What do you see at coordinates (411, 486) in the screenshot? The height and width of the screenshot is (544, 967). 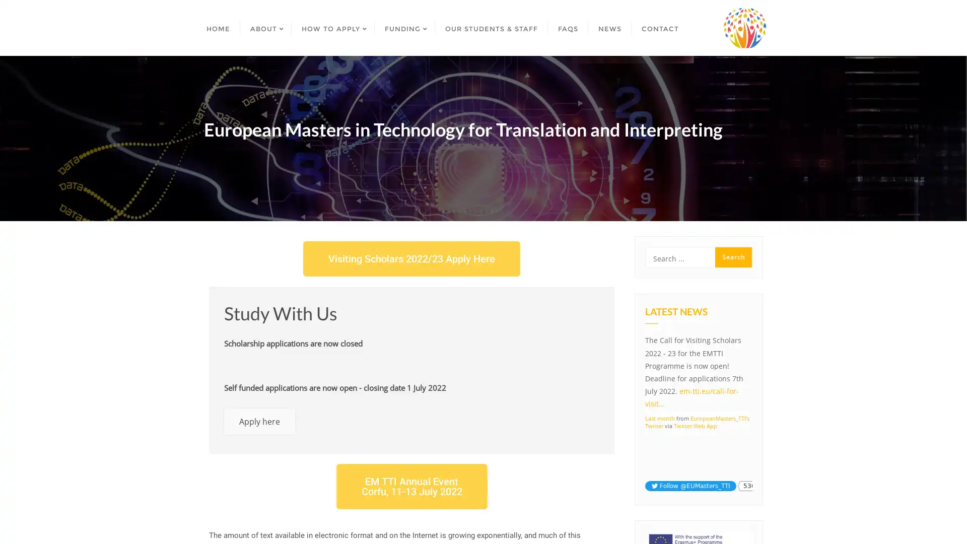 I see `EM TTI Annual Event Corfu, 11-13 July 2022` at bounding box center [411, 486].